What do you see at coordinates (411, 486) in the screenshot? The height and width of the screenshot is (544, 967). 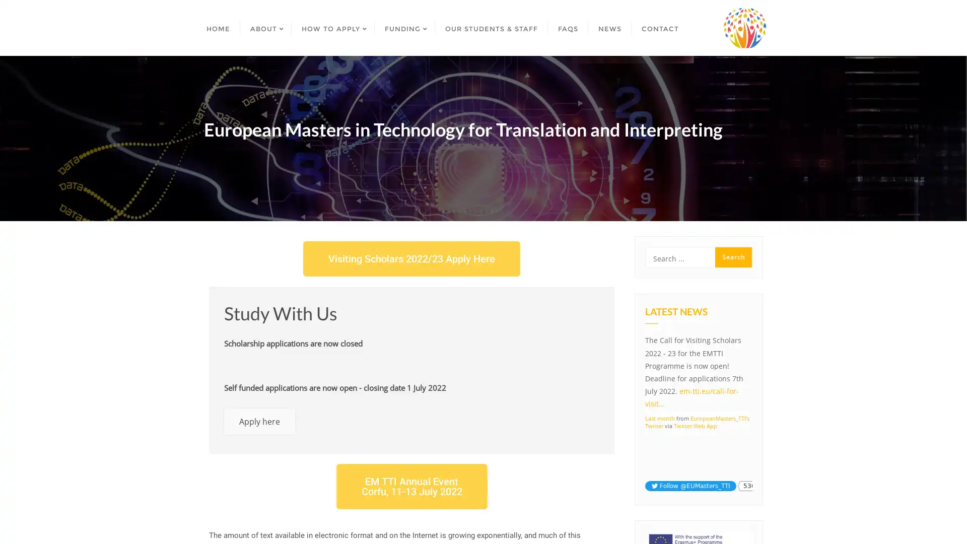 I see `EM TTI Annual Event Corfu, 11-13 July 2022` at bounding box center [411, 486].